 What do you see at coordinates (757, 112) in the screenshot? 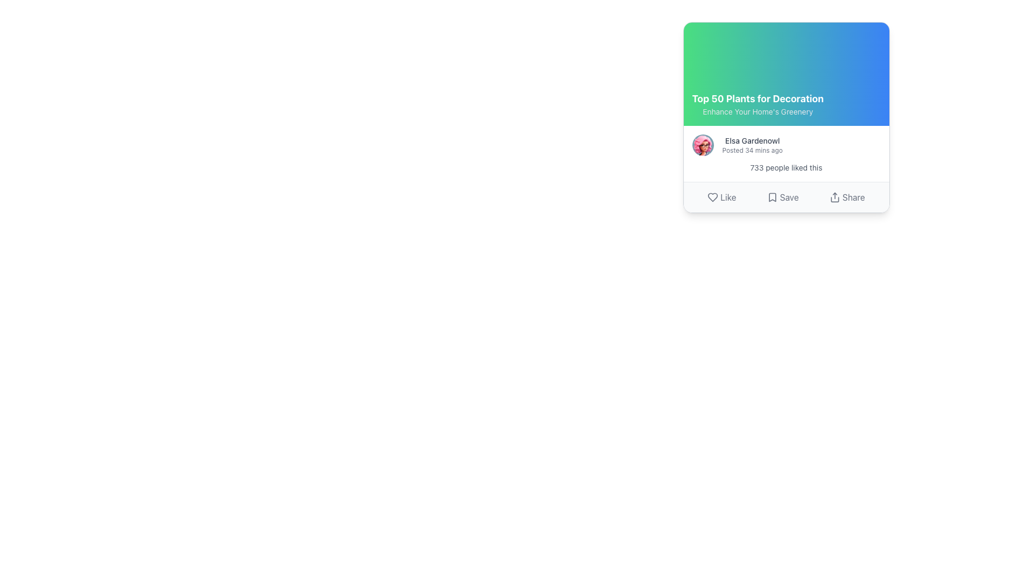
I see `the static text label that provides additional context below the title 'Top 50 Plants for Decoration'` at bounding box center [757, 112].